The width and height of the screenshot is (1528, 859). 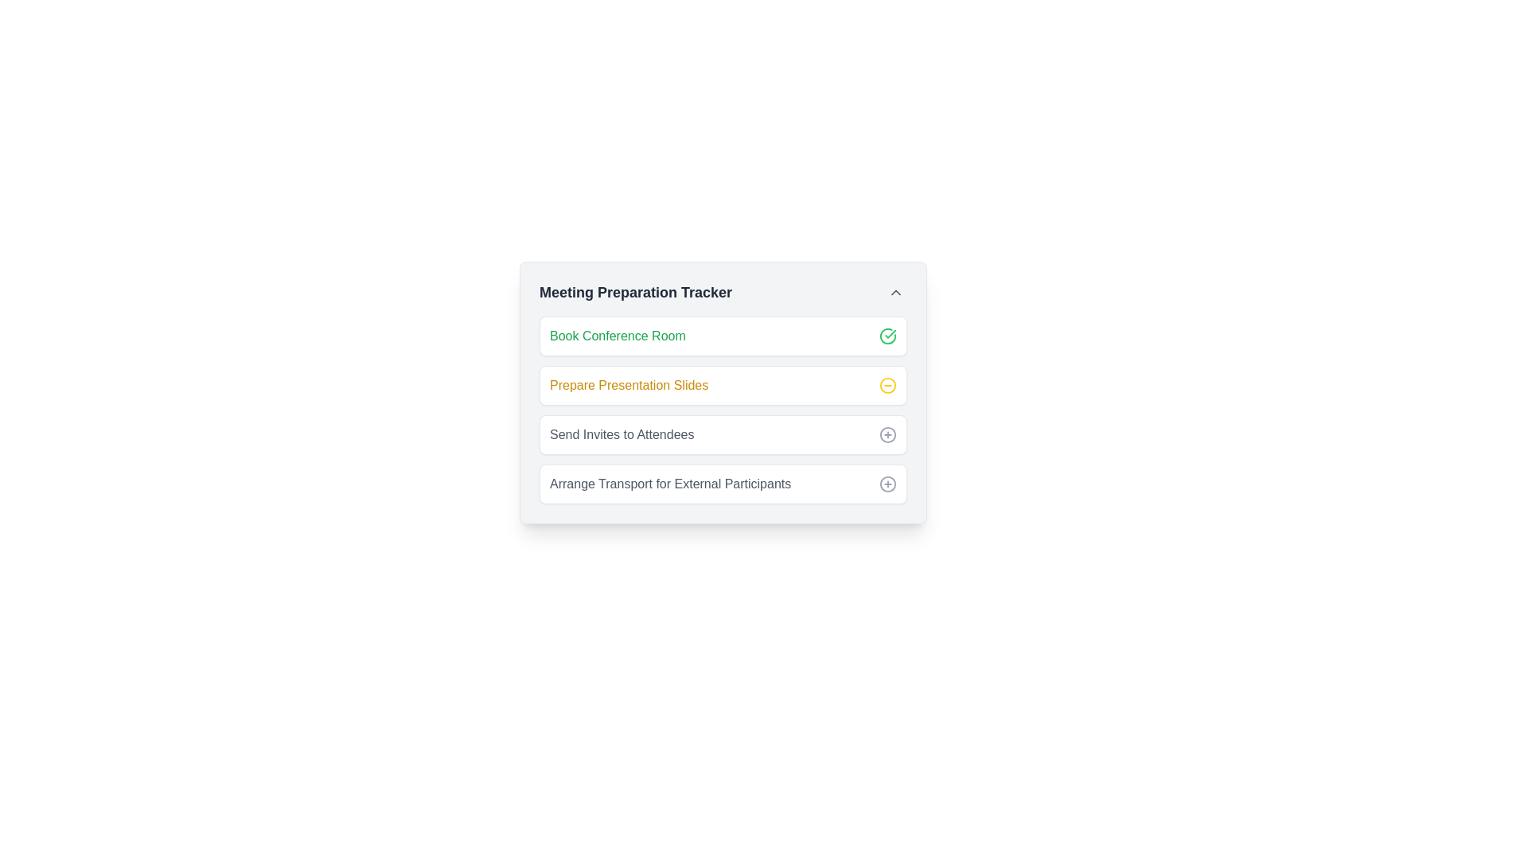 What do you see at coordinates (617, 336) in the screenshot?
I see `the text label displaying 'Book Conference Room' in green, indicating an active task in the Meeting Preparation Tracker` at bounding box center [617, 336].